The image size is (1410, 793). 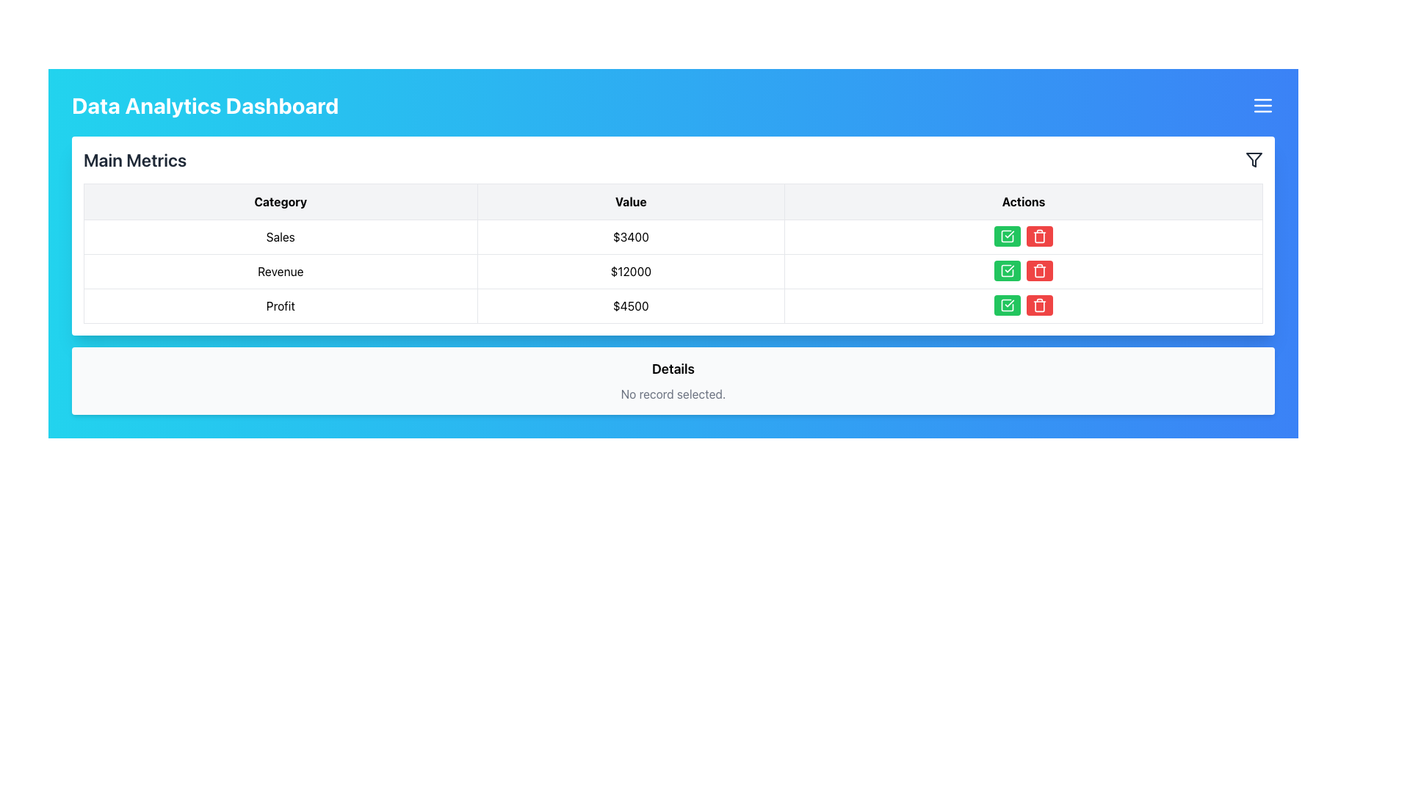 What do you see at coordinates (631, 305) in the screenshot?
I see `the 'Profit' metric value display in the 'Main Metrics' table of the dashboard, which is located between the 'Profit' cell and the action buttons` at bounding box center [631, 305].